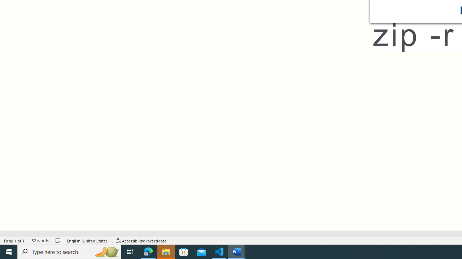 This screenshot has width=462, height=259. I want to click on 'Search highlights icon opens search home window', so click(106, 251).